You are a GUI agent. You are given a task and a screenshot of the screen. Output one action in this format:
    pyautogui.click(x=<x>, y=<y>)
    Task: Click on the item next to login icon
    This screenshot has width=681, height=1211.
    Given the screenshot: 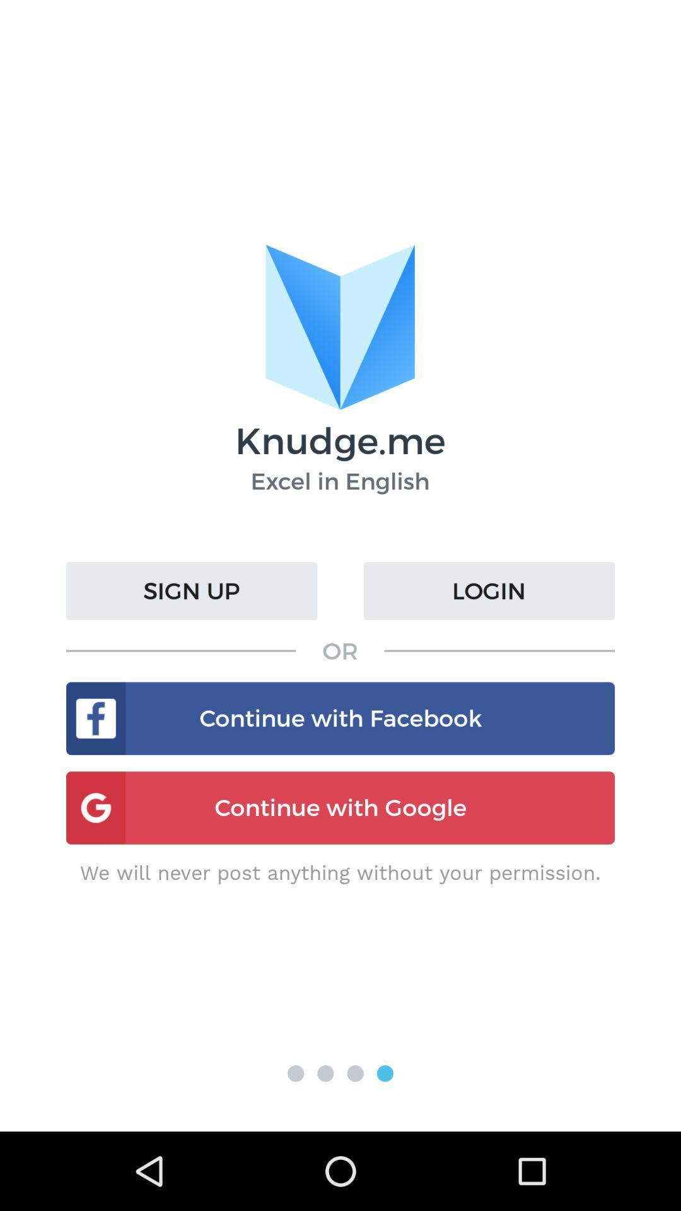 What is the action you would take?
    pyautogui.click(x=192, y=590)
    